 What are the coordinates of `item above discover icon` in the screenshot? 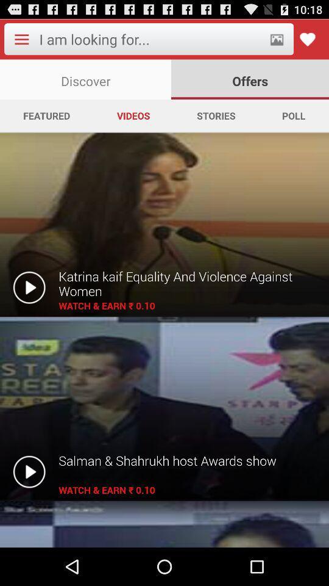 It's located at (21, 39).